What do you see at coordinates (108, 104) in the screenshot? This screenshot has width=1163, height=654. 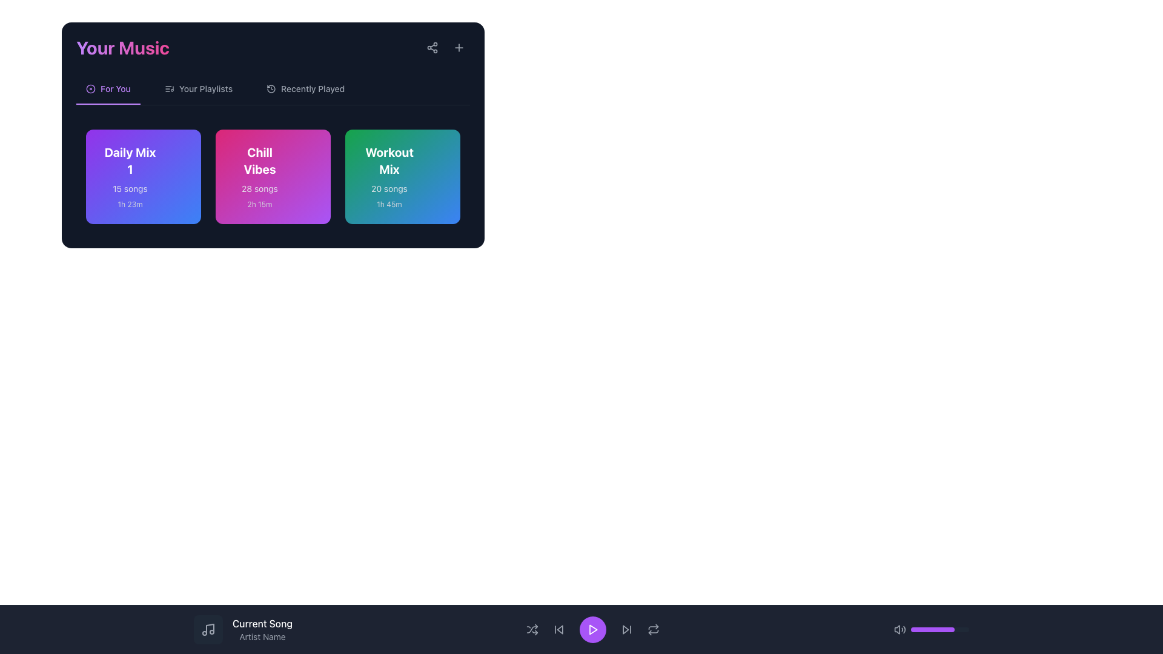 I see `the state of the Underline indicator, a thin purple rectangular bar located at the bottom of the header menu under the 'For You' tab` at bounding box center [108, 104].